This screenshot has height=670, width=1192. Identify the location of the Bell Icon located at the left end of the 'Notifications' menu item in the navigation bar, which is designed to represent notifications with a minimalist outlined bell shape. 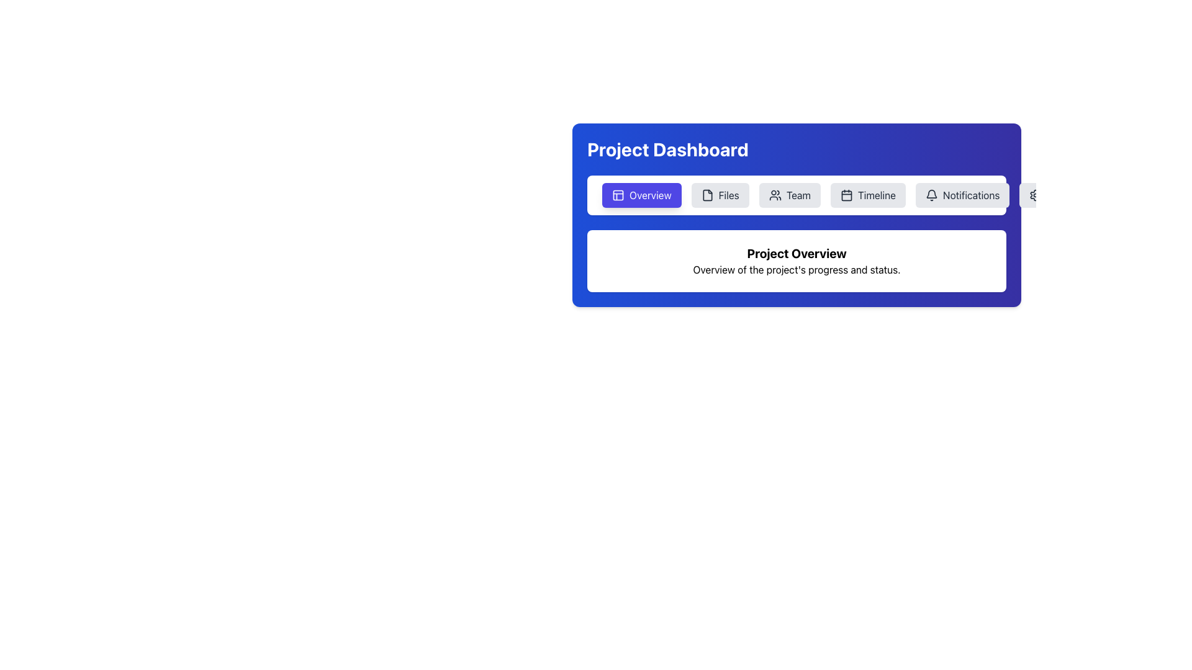
(932, 195).